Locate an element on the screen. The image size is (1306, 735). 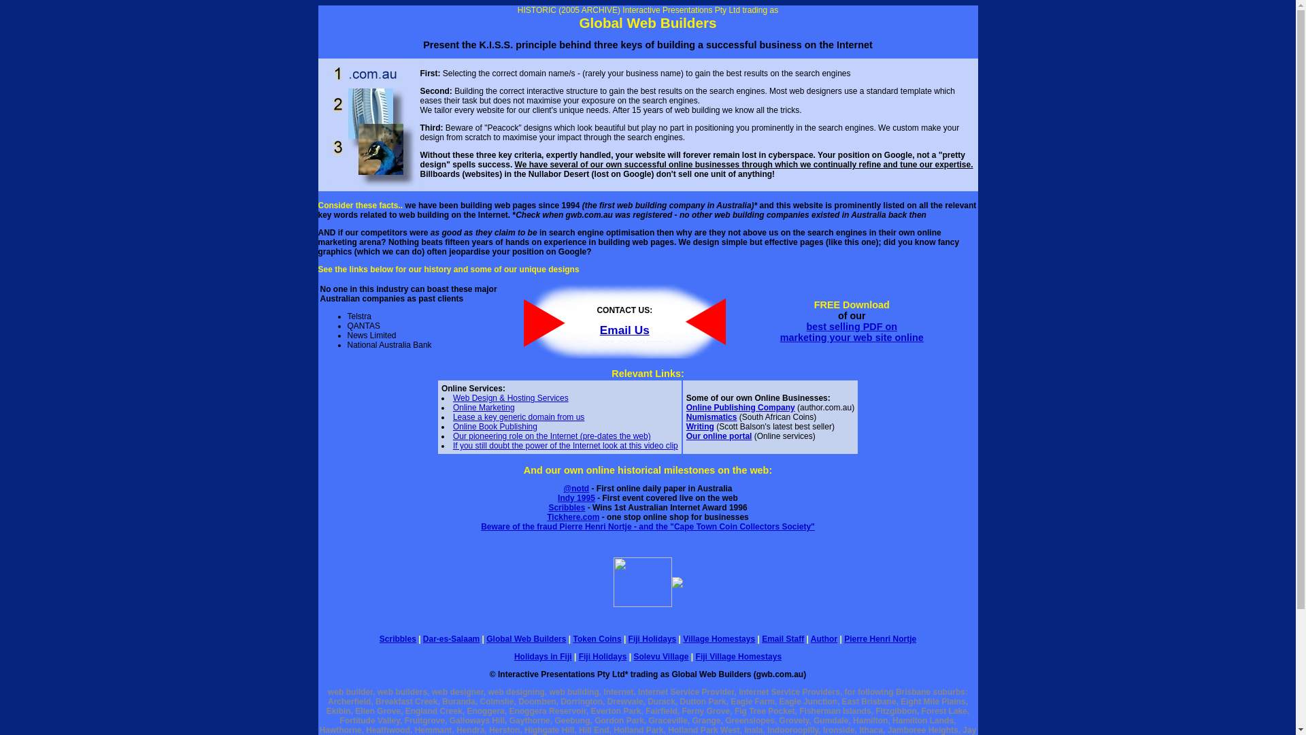
'Token Coins' is located at coordinates (572, 638).